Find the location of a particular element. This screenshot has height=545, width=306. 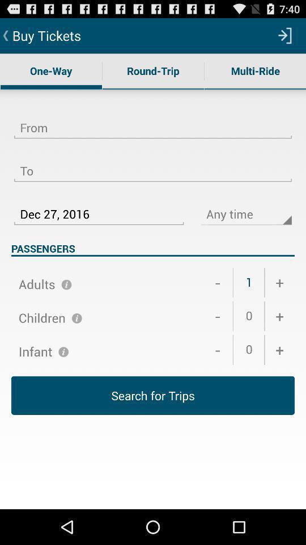

the app below one-way is located at coordinates (153, 121).